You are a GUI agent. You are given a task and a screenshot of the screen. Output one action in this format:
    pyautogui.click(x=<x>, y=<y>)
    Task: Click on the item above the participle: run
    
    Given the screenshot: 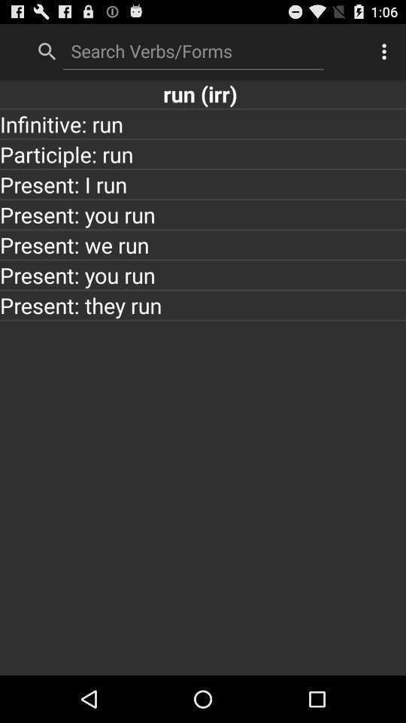 What is the action you would take?
    pyautogui.click(x=203, y=123)
    